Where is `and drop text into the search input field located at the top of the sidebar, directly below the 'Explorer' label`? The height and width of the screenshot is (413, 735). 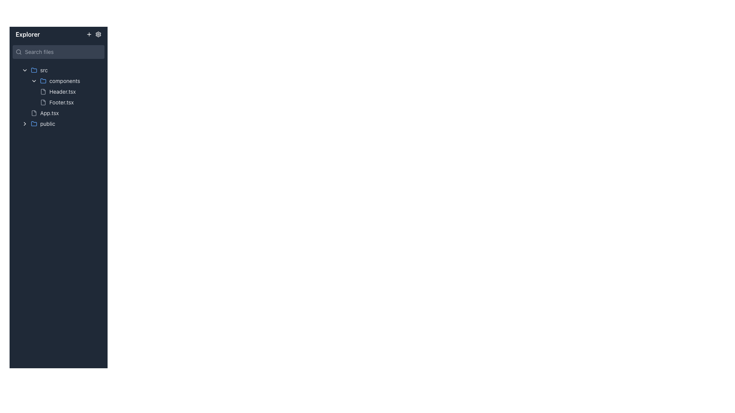 and drop text into the search input field located at the top of the sidebar, directly below the 'Explorer' label is located at coordinates (58, 52).